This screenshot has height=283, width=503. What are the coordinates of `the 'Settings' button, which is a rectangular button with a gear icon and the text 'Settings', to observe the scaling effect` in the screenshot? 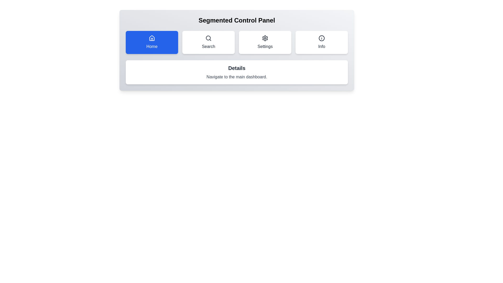 It's located at (265, 42).